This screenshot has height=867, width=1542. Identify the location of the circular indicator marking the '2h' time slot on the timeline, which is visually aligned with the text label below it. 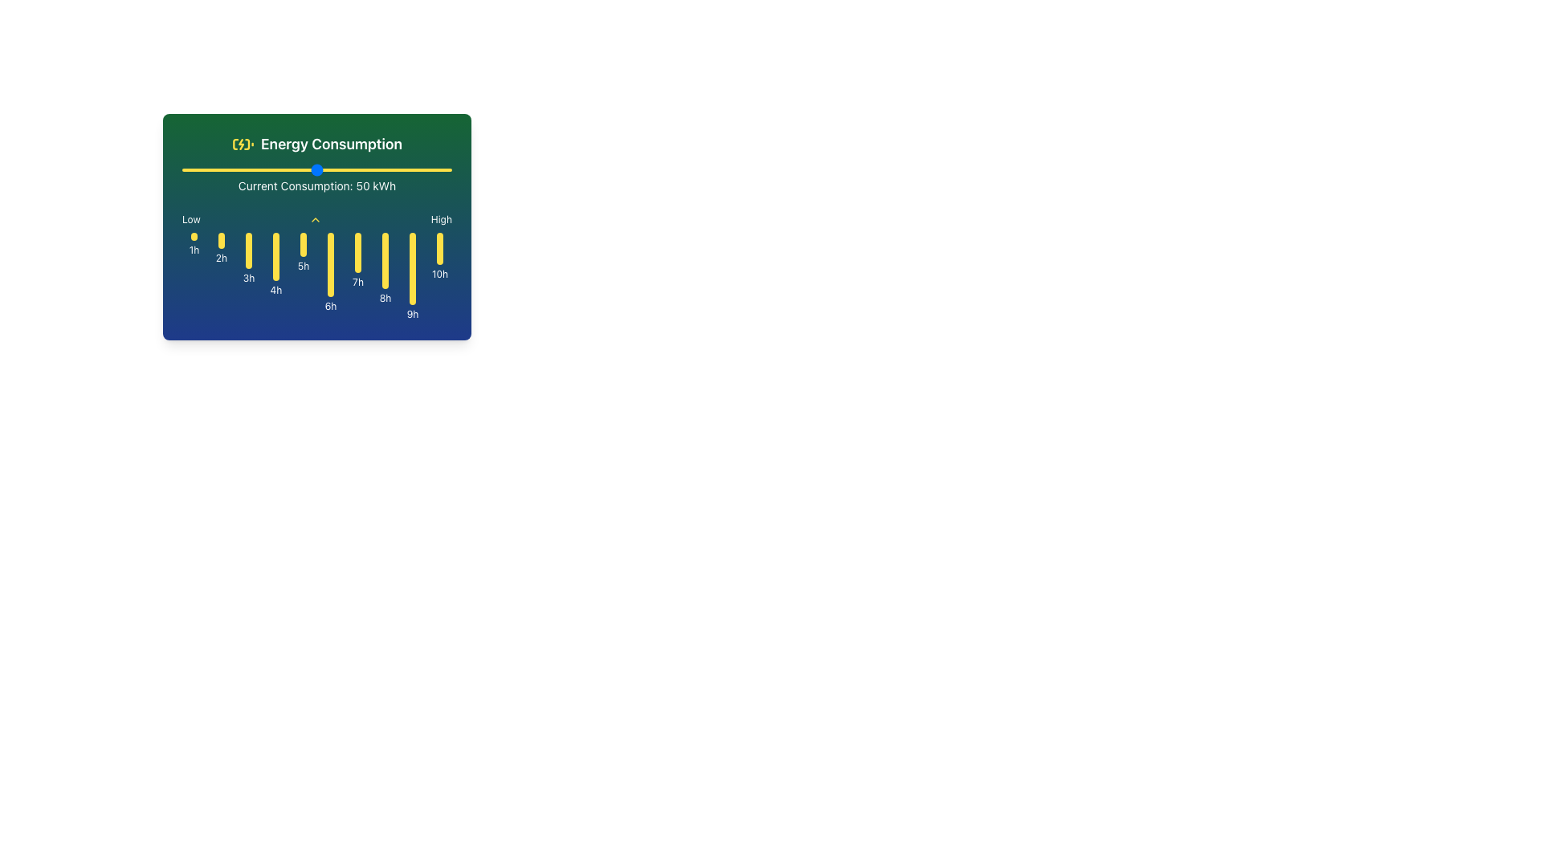
(220, 241).